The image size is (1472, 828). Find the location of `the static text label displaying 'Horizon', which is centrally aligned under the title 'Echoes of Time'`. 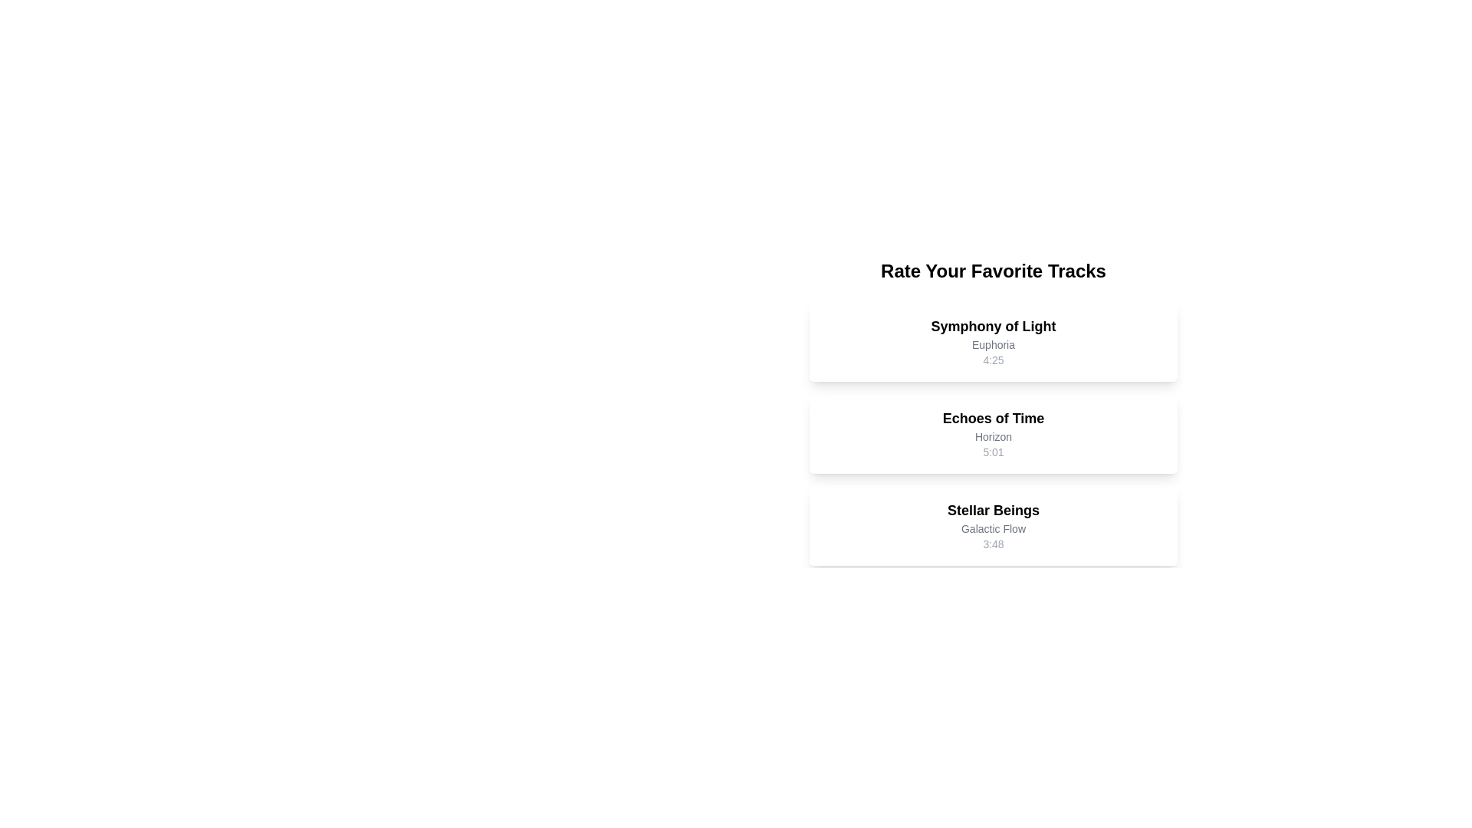

the static text label displaying 'Horizon', which is centrally aligned under the title 'Echoes of Time' is located at coordinates (994, 437).